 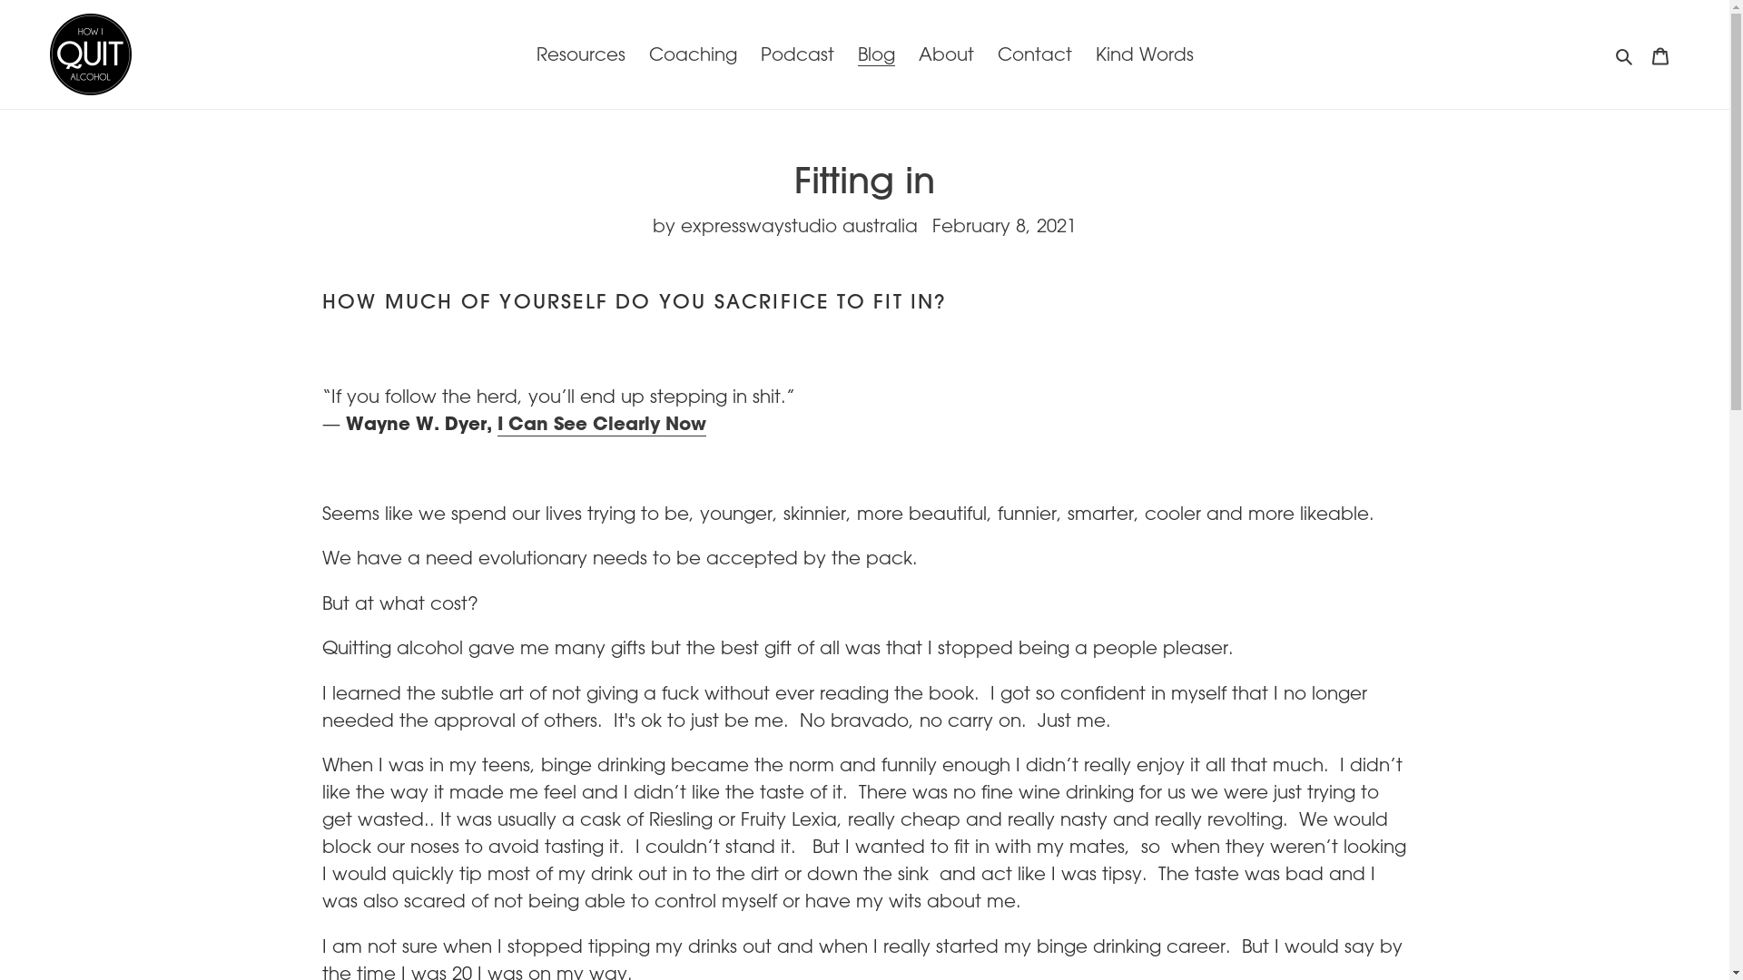 What do you see at coordinates (910, 54) in the screenshot?
I see `'About'` at bounding box center [910, 54].